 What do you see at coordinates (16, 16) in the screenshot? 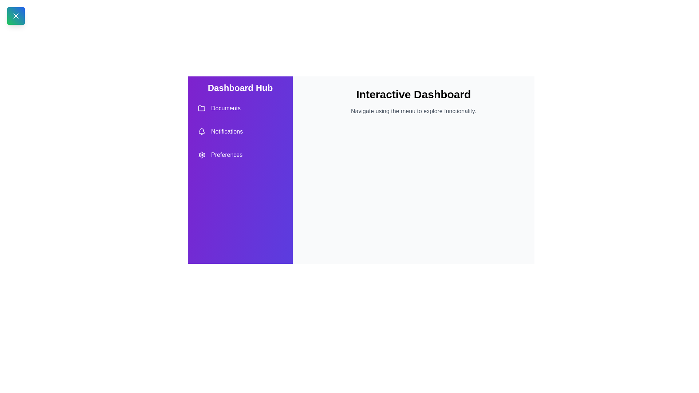
I see `button in the top-left corner to toggle the drawer open or closed` at bounding box center [16, 16].